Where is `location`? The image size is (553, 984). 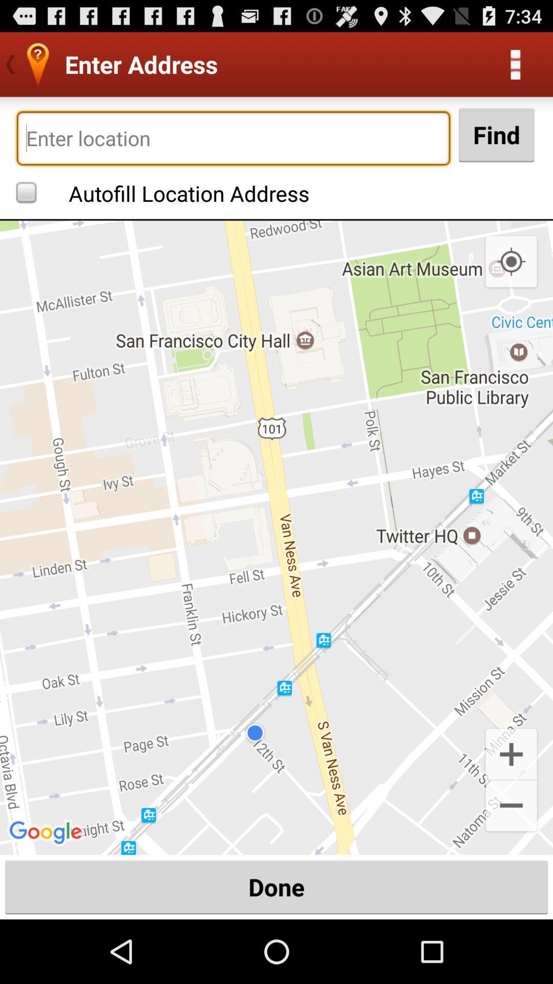
location is located at coordinates (233, 137).